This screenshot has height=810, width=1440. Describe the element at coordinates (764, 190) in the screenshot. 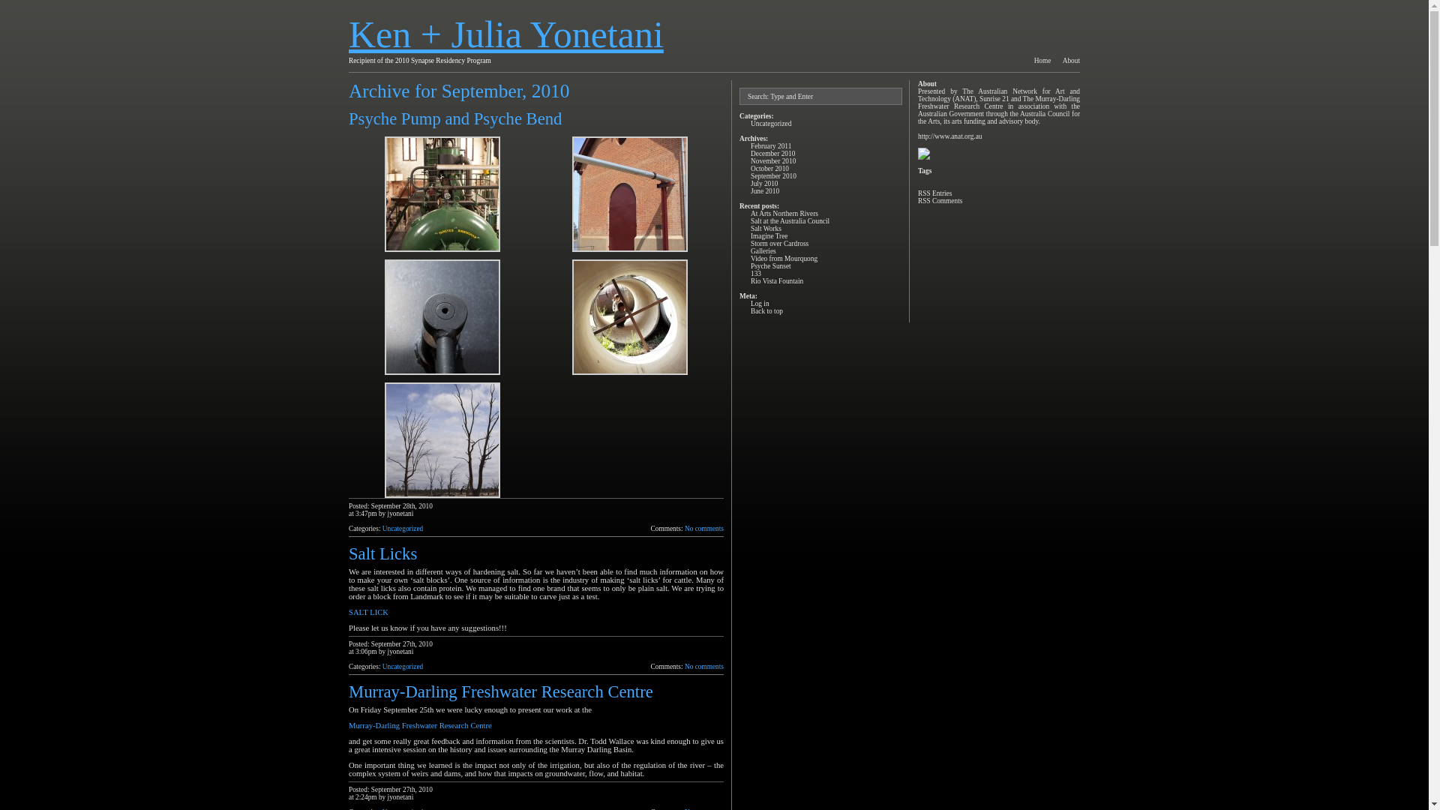

I see `'June 2010'` at that location.